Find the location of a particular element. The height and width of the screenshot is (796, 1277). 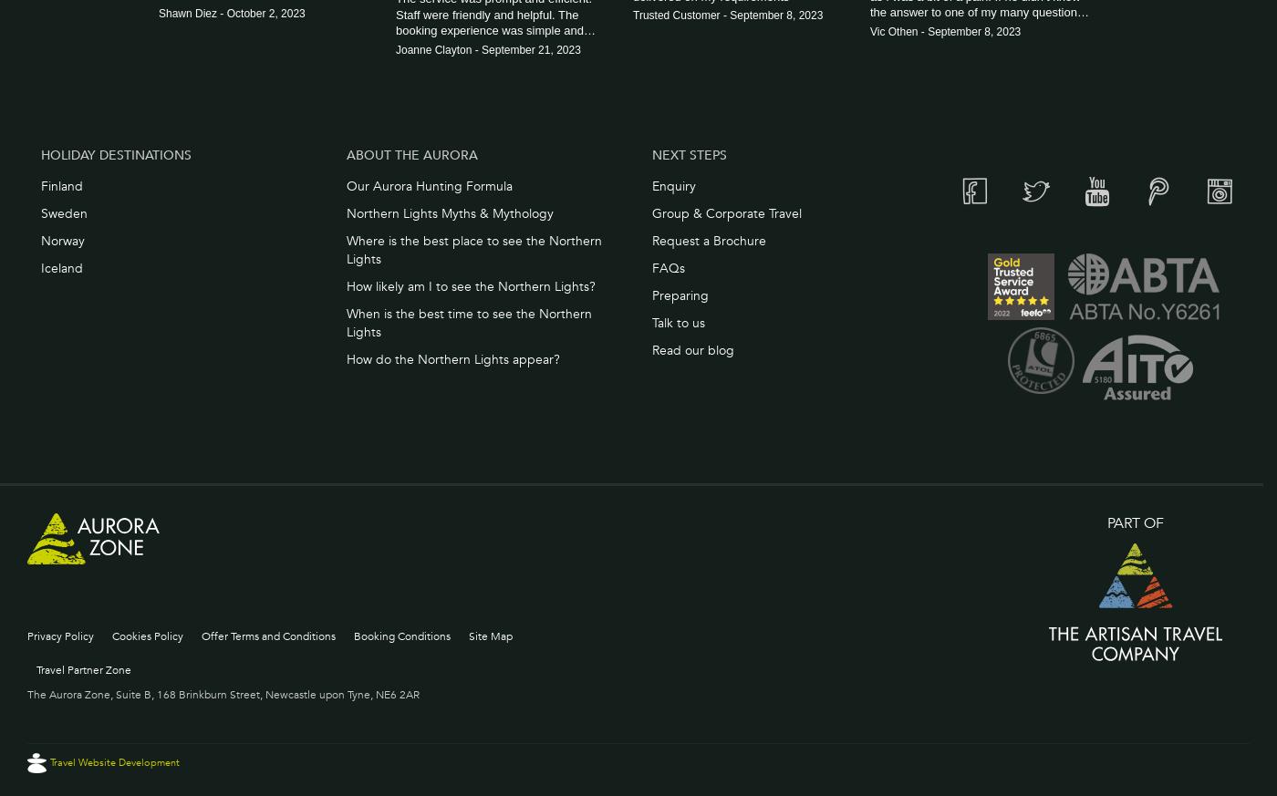

'The Aurora Zone, Suite B, 168 Brinkburn Street, Newcastle upon Tyne, NE6 2AR' is located at coordinates (223, 692).